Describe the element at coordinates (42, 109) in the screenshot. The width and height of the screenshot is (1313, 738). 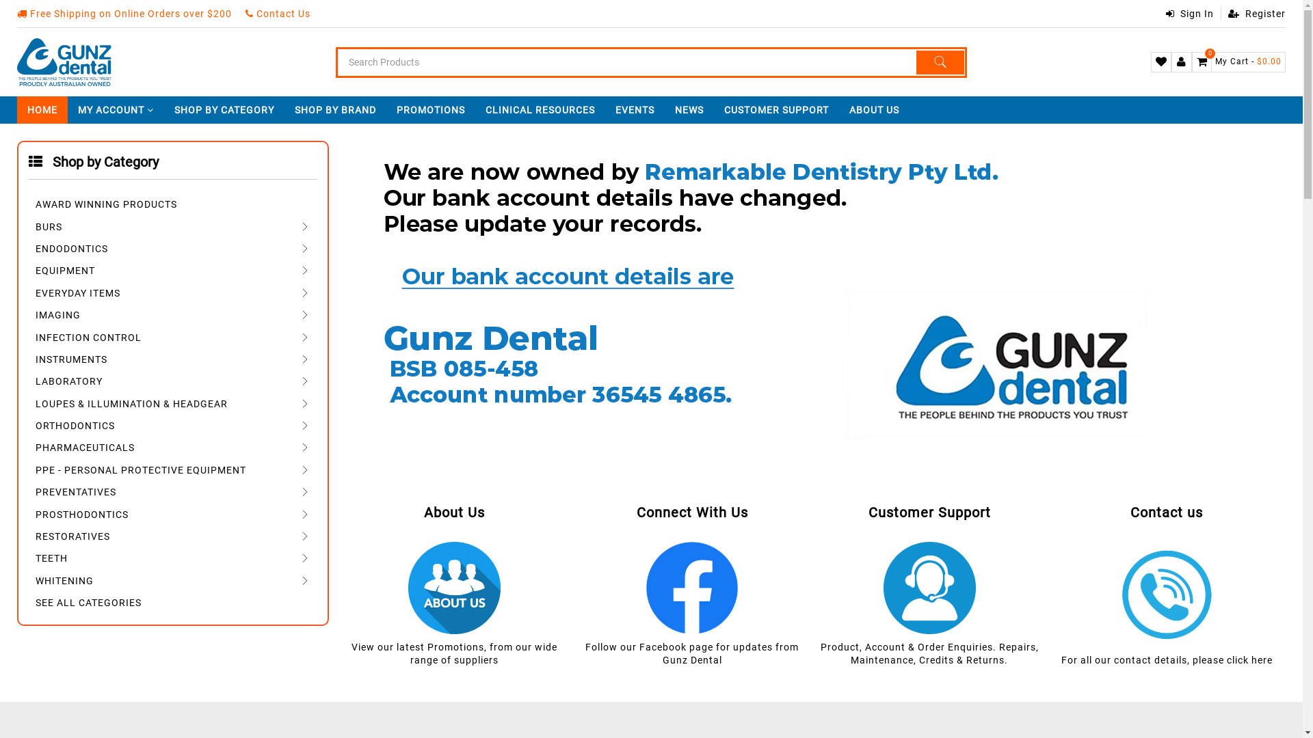
I see `'HOME'` at that location.